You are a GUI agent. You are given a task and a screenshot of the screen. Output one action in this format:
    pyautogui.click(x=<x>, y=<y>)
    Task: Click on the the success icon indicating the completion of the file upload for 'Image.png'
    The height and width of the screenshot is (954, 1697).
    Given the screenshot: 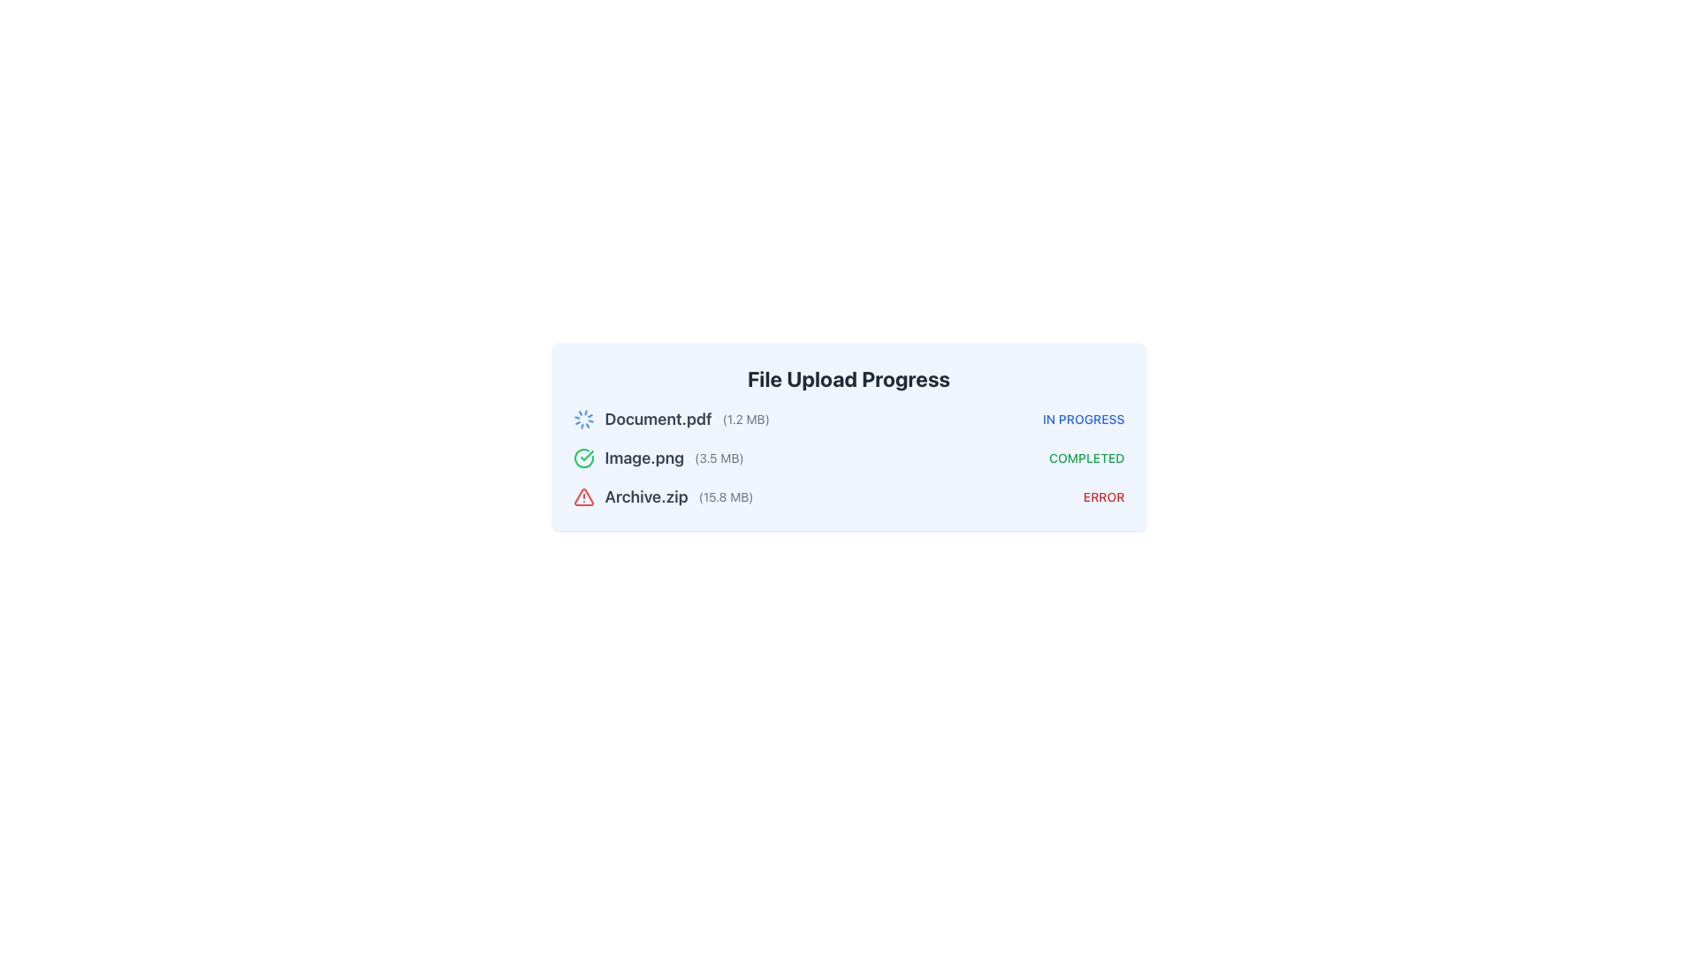 What is the action you would take?
    pyautogui.click(x=583, y=458)
    